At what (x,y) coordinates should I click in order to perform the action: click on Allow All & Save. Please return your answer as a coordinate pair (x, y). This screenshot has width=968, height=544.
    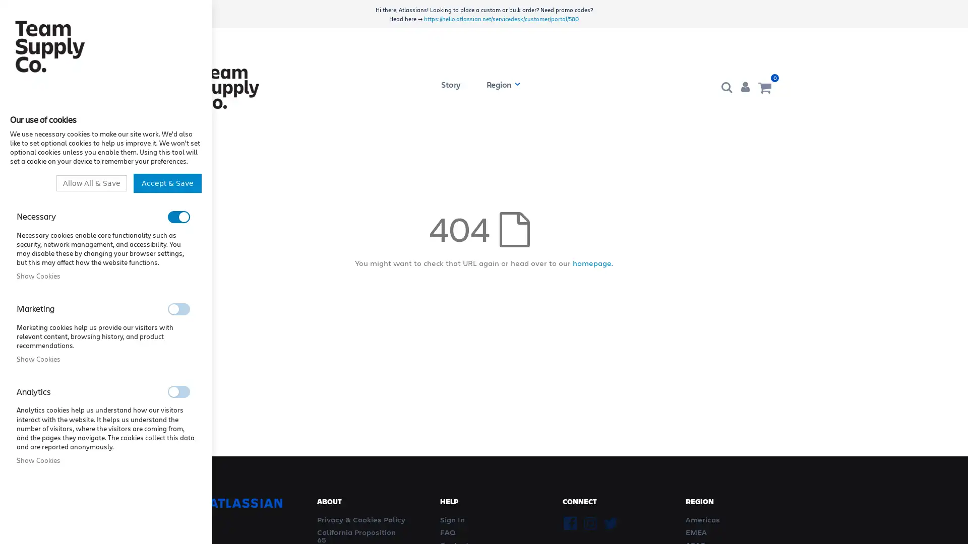
    Looking at the image, I should click on (99, 182).